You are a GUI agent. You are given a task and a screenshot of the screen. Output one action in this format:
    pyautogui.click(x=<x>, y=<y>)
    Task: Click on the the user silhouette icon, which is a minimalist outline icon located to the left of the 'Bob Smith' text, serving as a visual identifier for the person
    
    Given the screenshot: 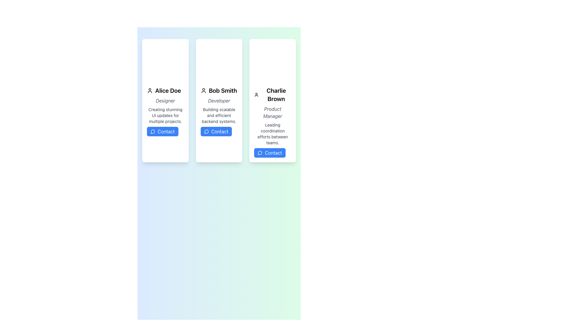 What is the action you would take?
    pyautogui.click(x=203, y=90)
    